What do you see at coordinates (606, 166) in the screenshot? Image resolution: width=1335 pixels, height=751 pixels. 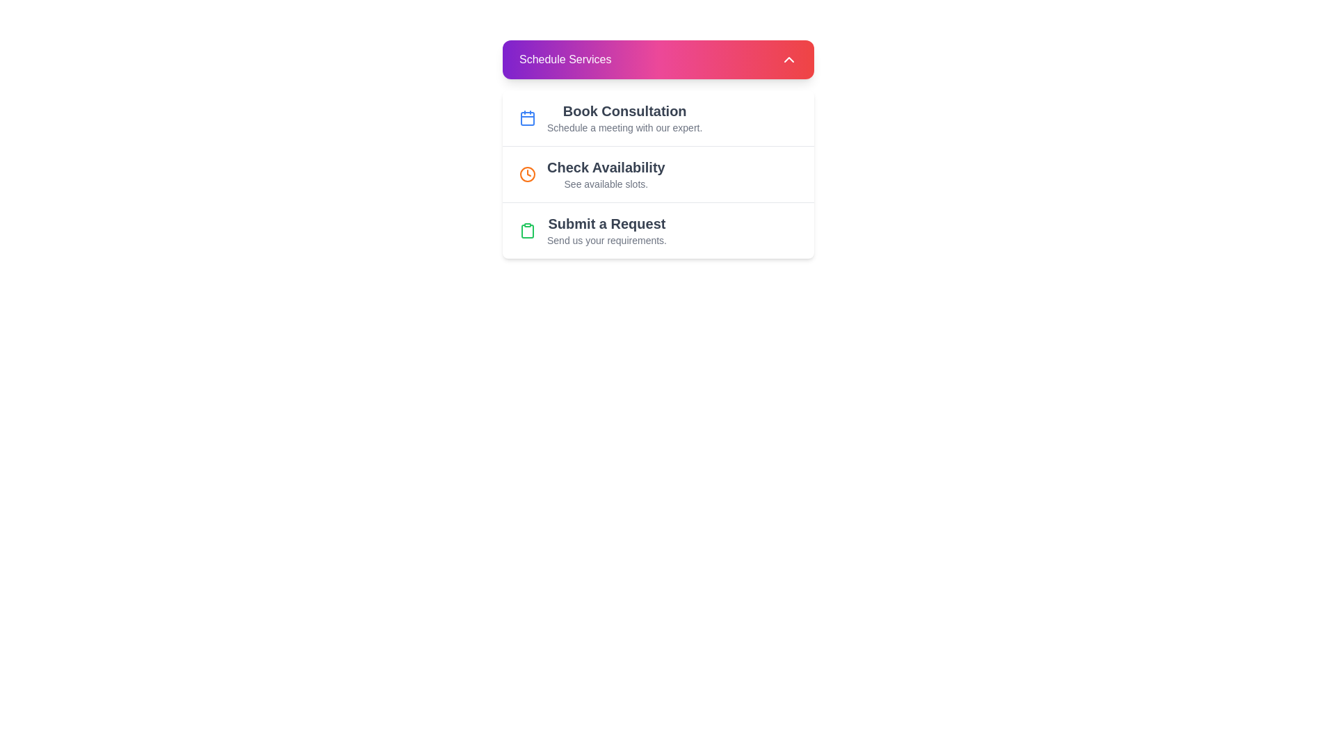 I see `the text label that serves as a title for the clickable menu option related to checking availability, which is the second item in the vertical list menu` at bounding box center [606, 166].